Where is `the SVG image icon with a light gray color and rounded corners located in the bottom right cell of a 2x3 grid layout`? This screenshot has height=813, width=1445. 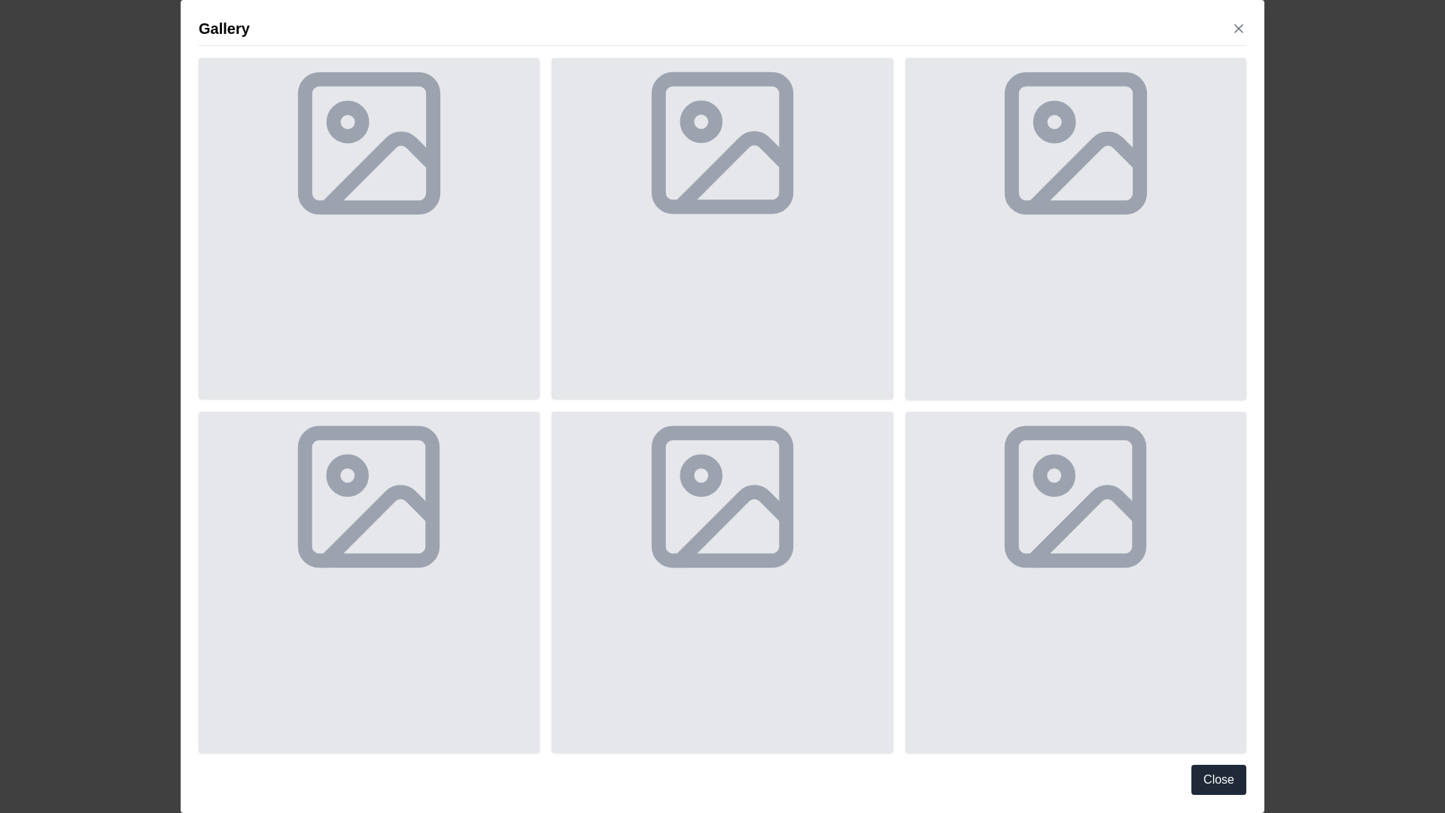
the SVG image icon with a light gray color and rounded corners located in the bottom right cell of a 2x3 grid layout is located at coordinates (1075, 496).